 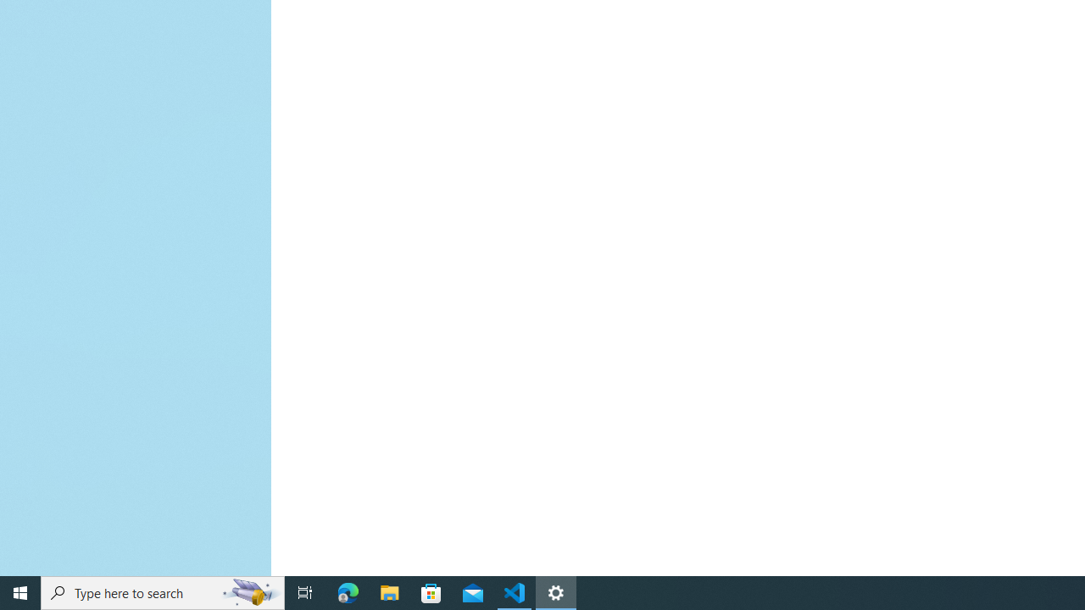 What do you see at coordinates (304, 591) in the screenshot?
I see `'Task View'` at bounding box center [304, 591].